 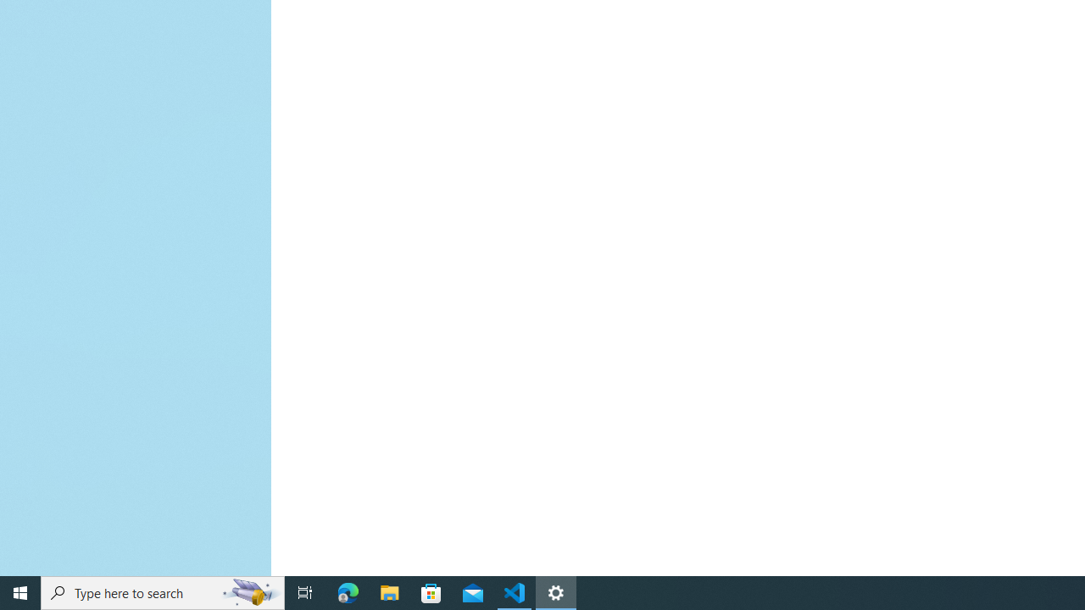 What do you see at coordinates (304, 591) in the screenshot?
I see `'Task View'` at bounding box center [304, 591].